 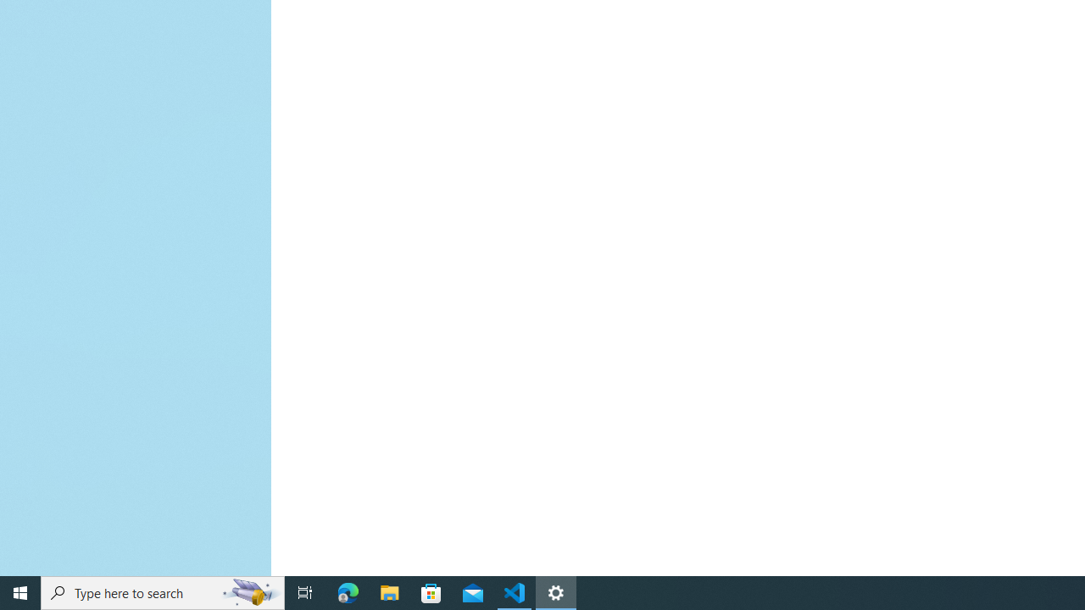 What do you see at coordinates (304, 591) in the screenshot?
I see `'Task View'` at bounding box center [304, 591].